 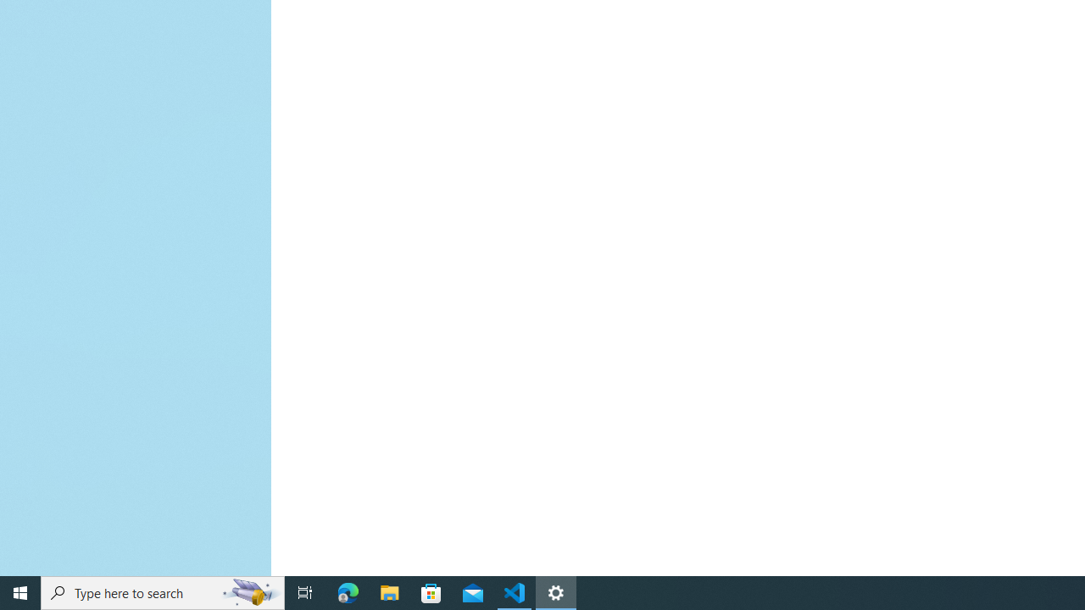 What do you see at coordinates (304, 591) in the screenshot?
I see `'Task View'` at bounding box center [304, 591].